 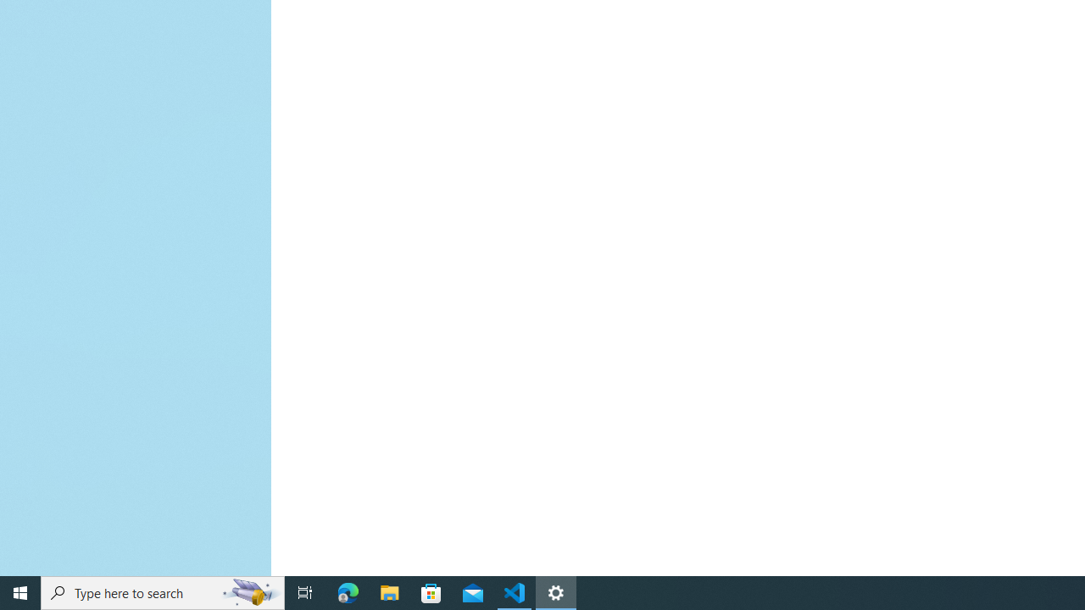 What do you see at coordinates (304, 591) in the screenshot?
I see `'Task View'` at bounding box center [304, 591].